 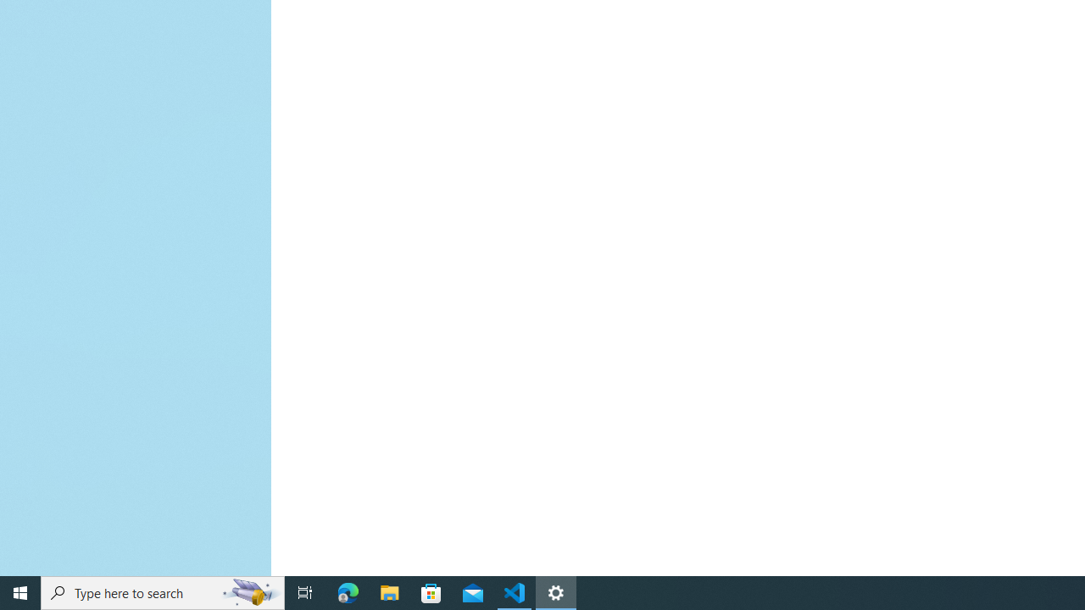 What do you see at coordinates (304, 591) in the screenshot?
I see `'Task View'` at bounding box center [304, 591].